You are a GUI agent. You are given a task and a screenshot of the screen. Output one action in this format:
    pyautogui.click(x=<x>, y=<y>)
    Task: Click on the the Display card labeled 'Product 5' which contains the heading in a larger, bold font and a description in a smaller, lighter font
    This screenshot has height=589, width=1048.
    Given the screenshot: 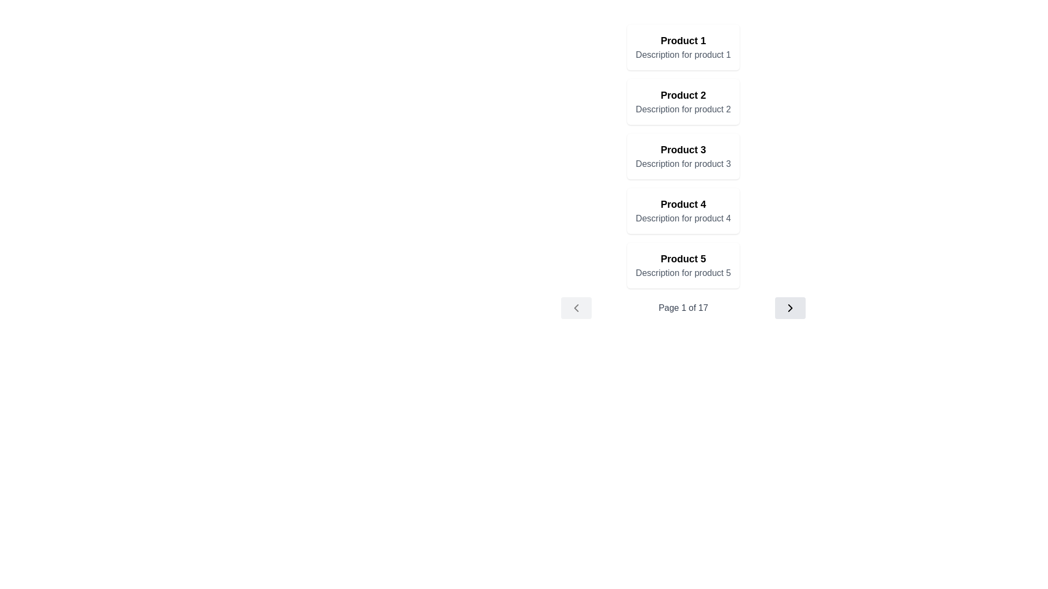 What is the action you would take?
    pyautogui.click(x=683, y=265)
    